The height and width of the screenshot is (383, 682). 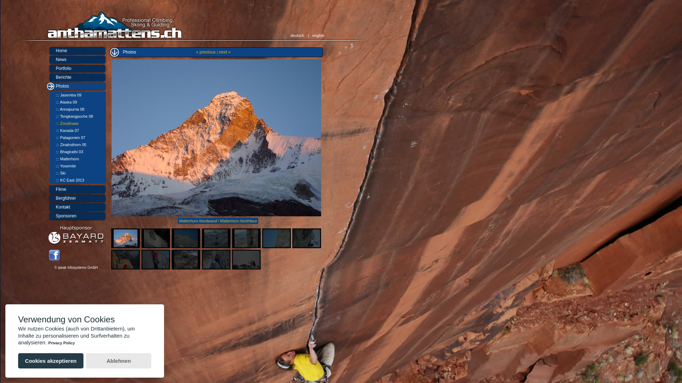 What do you see at coordinates (76, 68) in the screenshot?
I see `'Portfolio'` at bounding box center [76, 68].